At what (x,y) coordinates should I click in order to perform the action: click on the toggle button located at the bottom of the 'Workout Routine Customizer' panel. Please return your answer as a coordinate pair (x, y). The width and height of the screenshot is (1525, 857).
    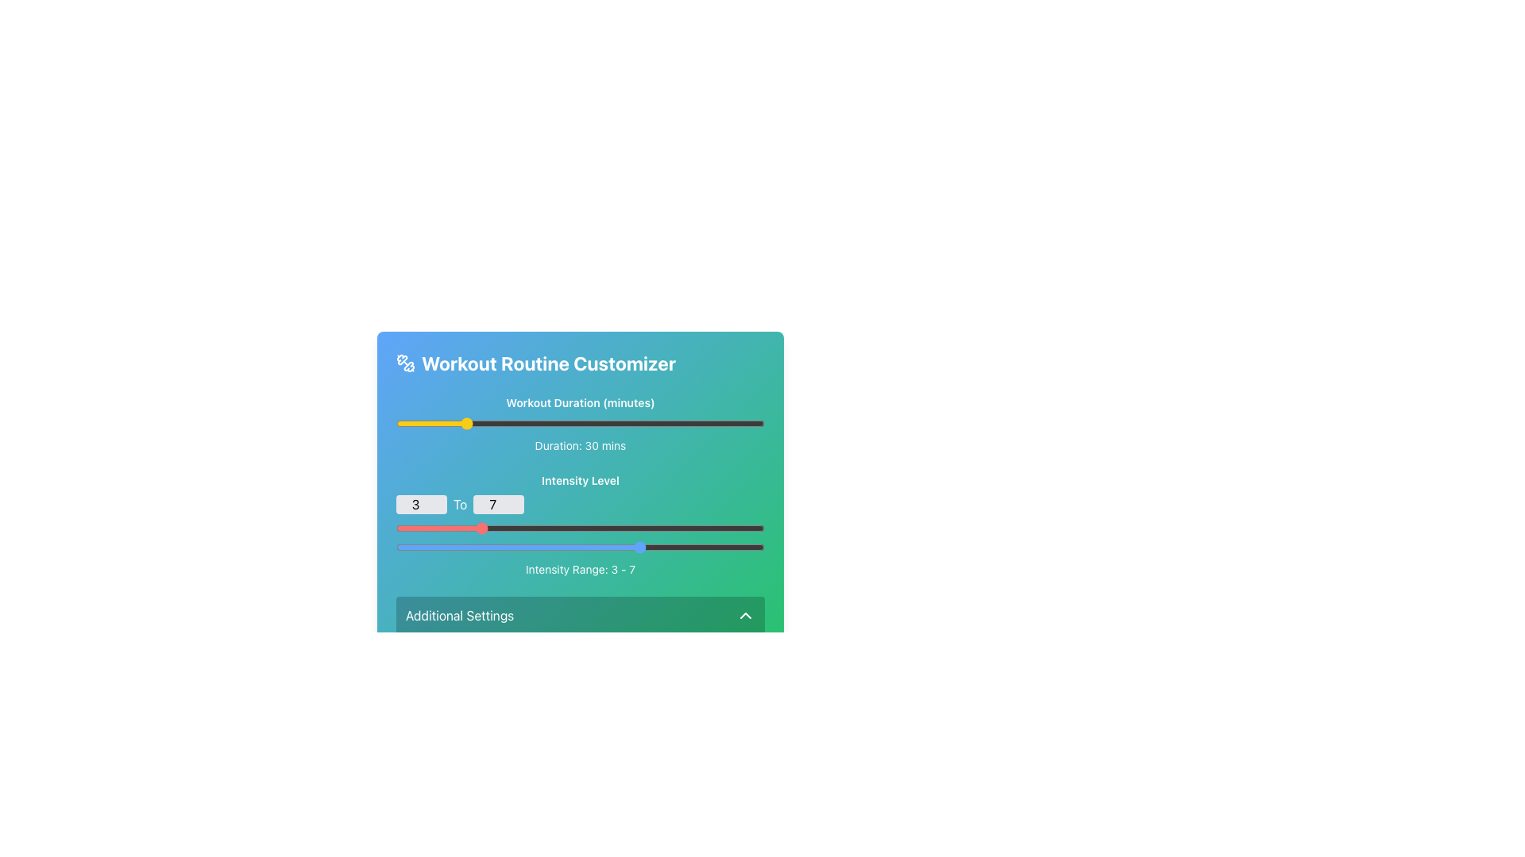
    Looking at the image, I should click on (579, 614).